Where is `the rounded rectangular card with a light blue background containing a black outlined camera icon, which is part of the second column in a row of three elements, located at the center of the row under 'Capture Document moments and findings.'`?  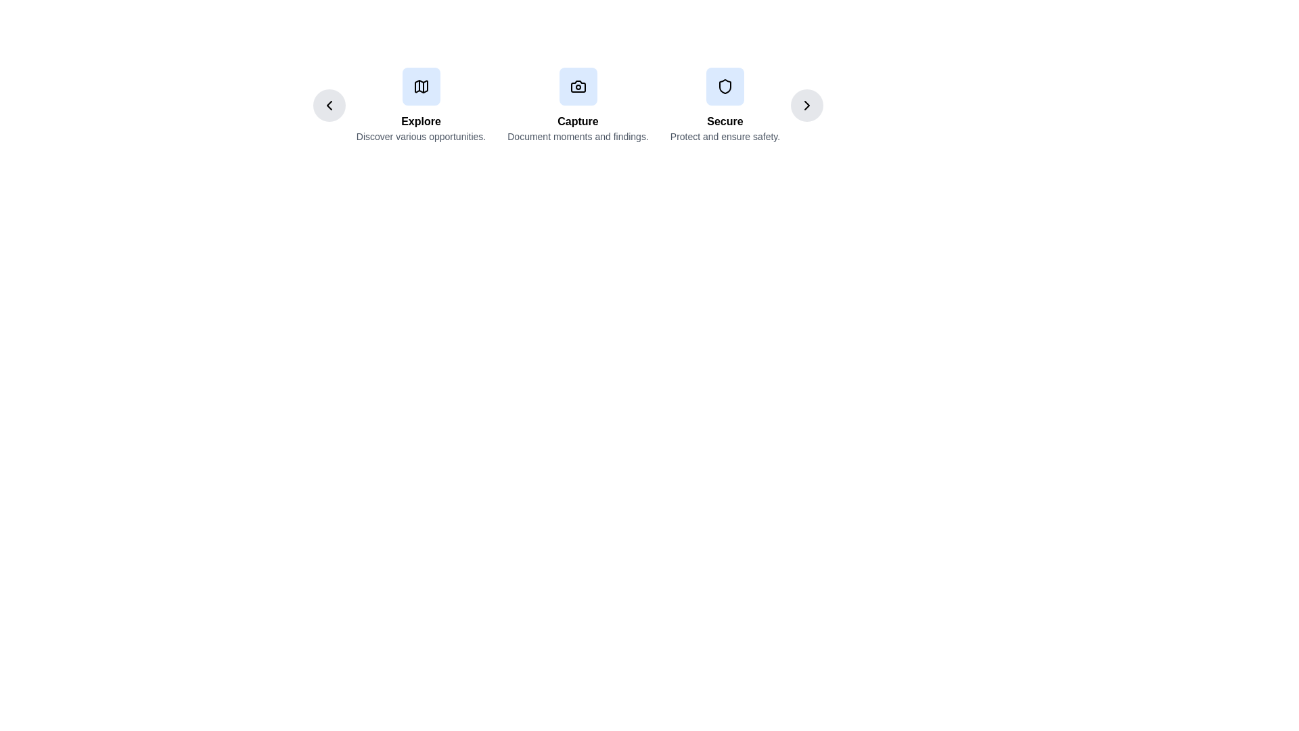 the rounded rectangular card with a light blue background containing a black outlined camera icon, which is part of the second column in a row of three elements, located at the center of the row under 'Capture Document moments and findings.' is located at coordinates (578, 86).